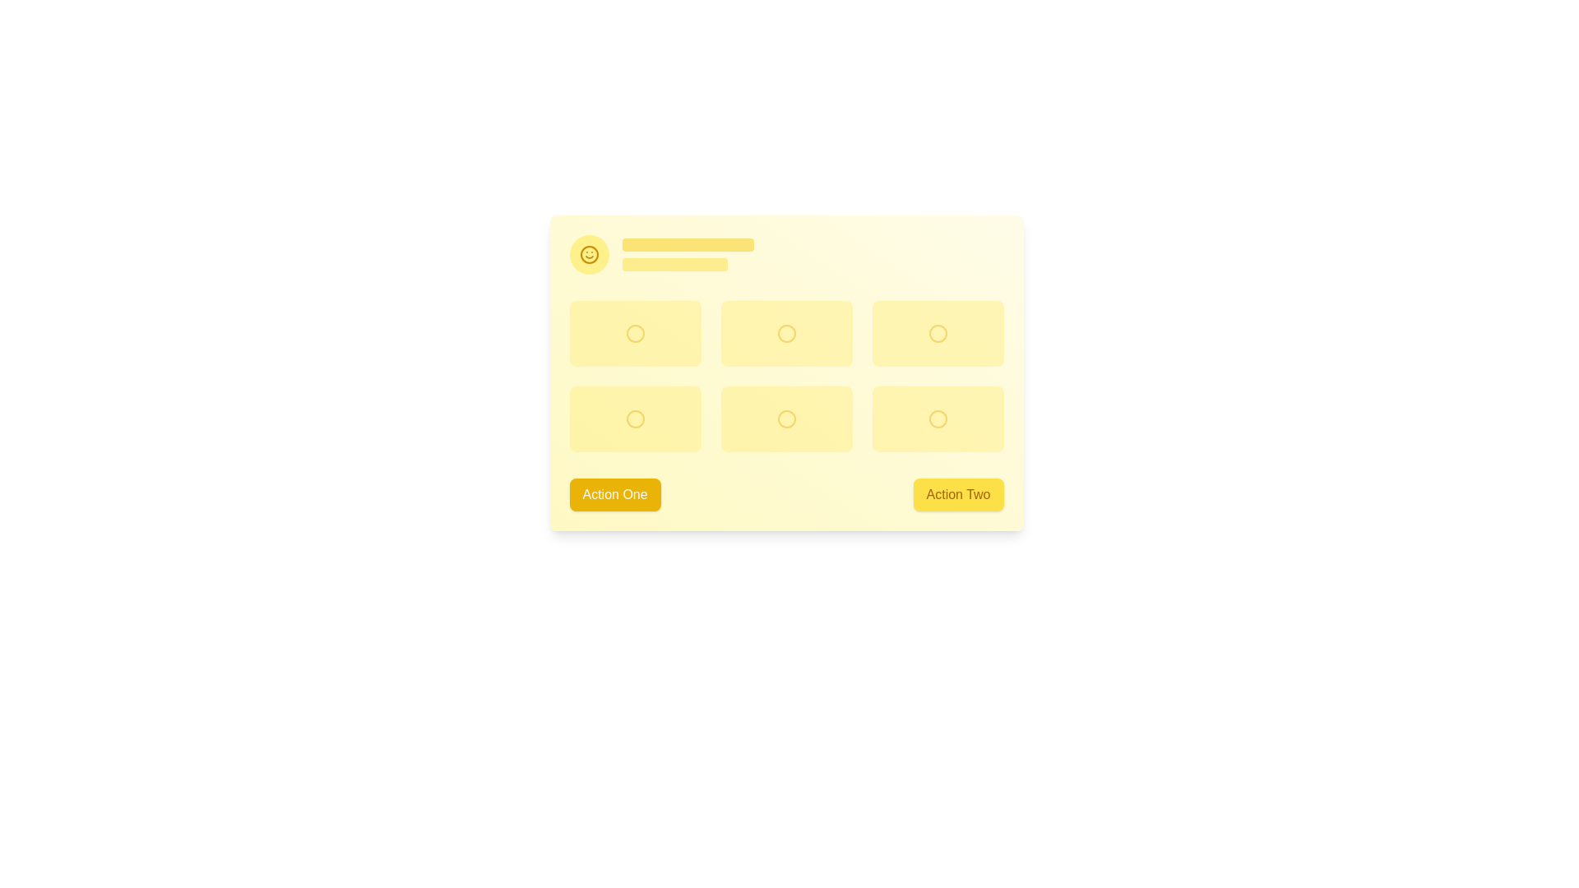 The image size is (1579, 888). What do you see at coordinates (634, 333) in the screenshot?
I see `the yellow rectangular interactive button with rounded corners, which contains a circular icon, from its current position` at bounding box center [634, 333].